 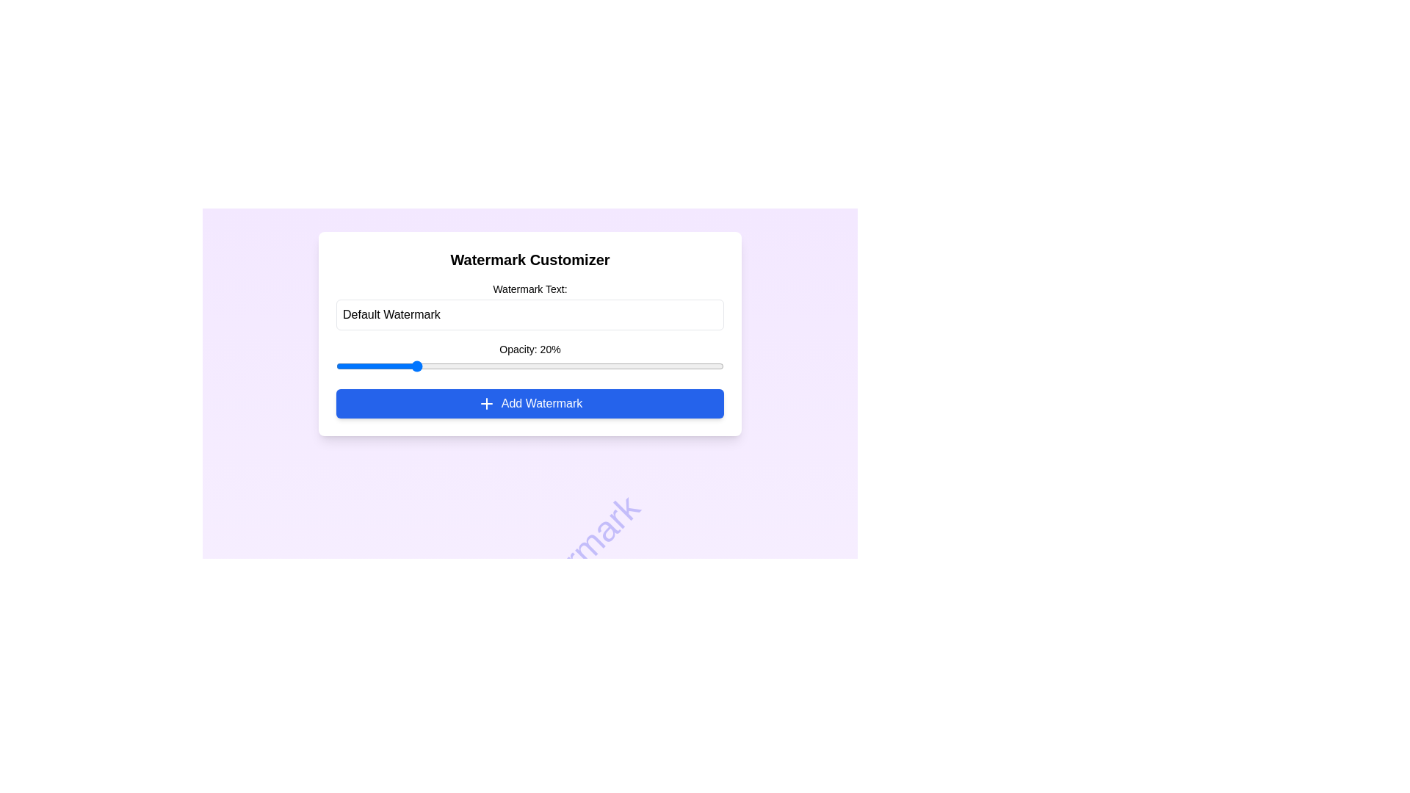 I want to click on the interactive slider (range input) labeled 'Opacity: 20%', so click(x=529, y=373).